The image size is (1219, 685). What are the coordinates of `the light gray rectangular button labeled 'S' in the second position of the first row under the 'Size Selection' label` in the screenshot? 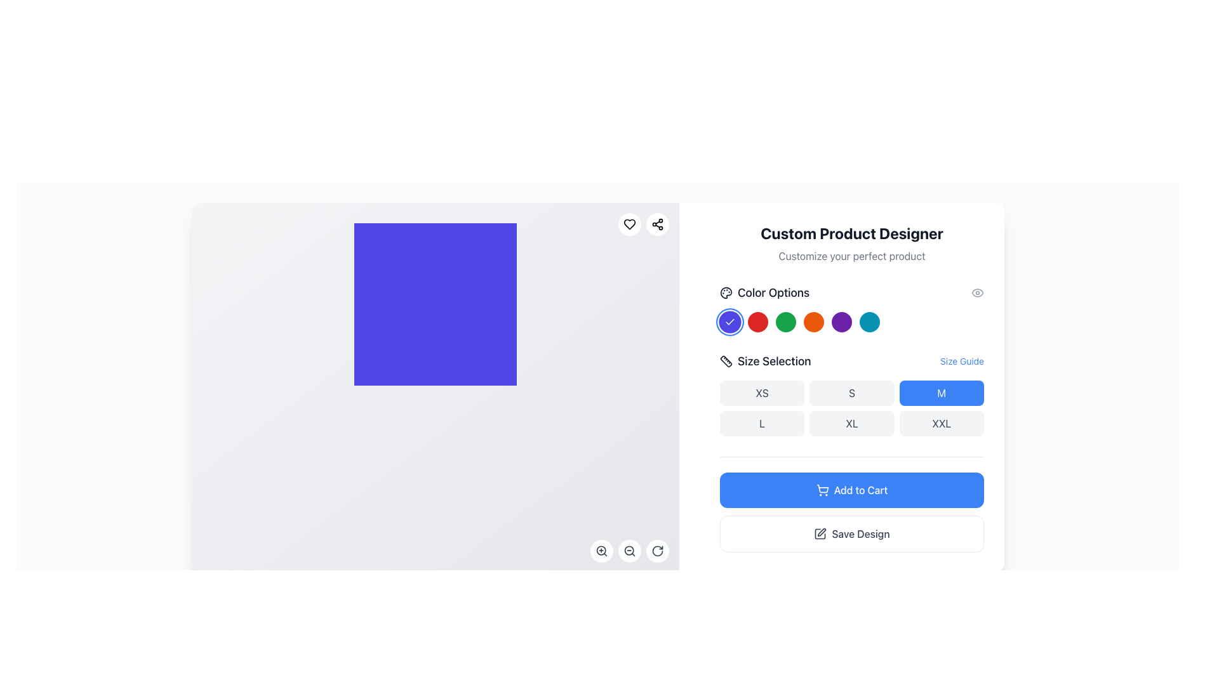 It's located at (852, 393).